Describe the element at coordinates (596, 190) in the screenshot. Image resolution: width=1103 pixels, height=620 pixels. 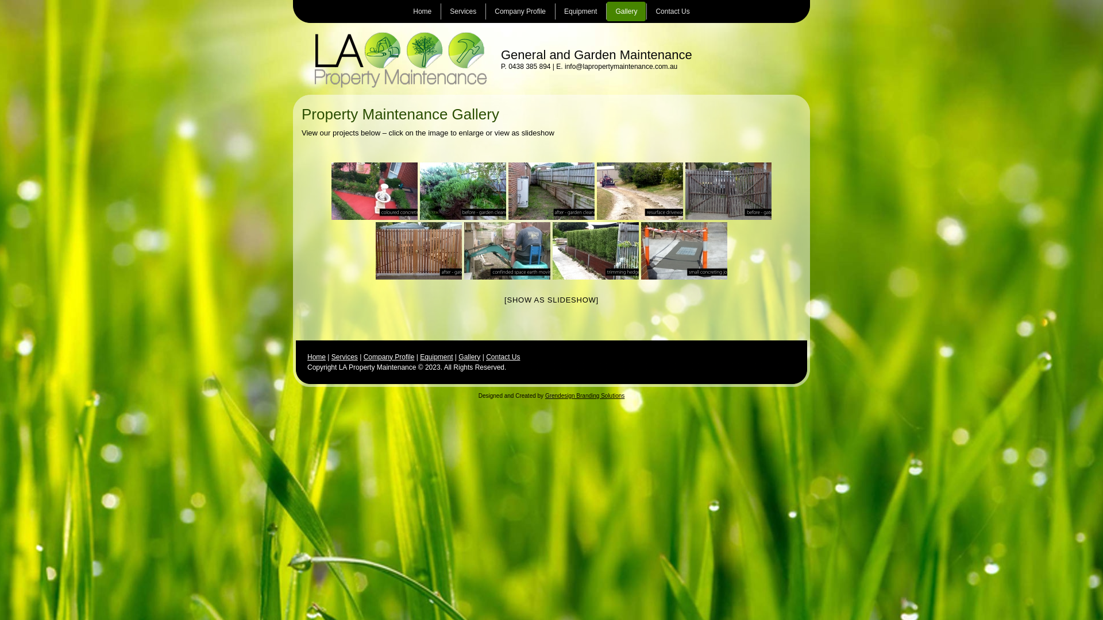
I see `'la-property-maintenance-driveways'` at that location.